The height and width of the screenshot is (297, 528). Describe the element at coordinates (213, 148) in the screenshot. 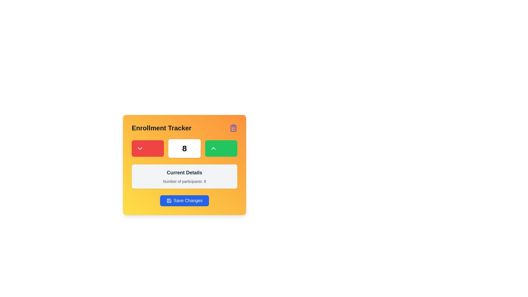

I see `the green square button containing the upward-pointing chevron icon, which is located to the right of a white input field with the number '8' in the Enrollment Tracker section` at that location.